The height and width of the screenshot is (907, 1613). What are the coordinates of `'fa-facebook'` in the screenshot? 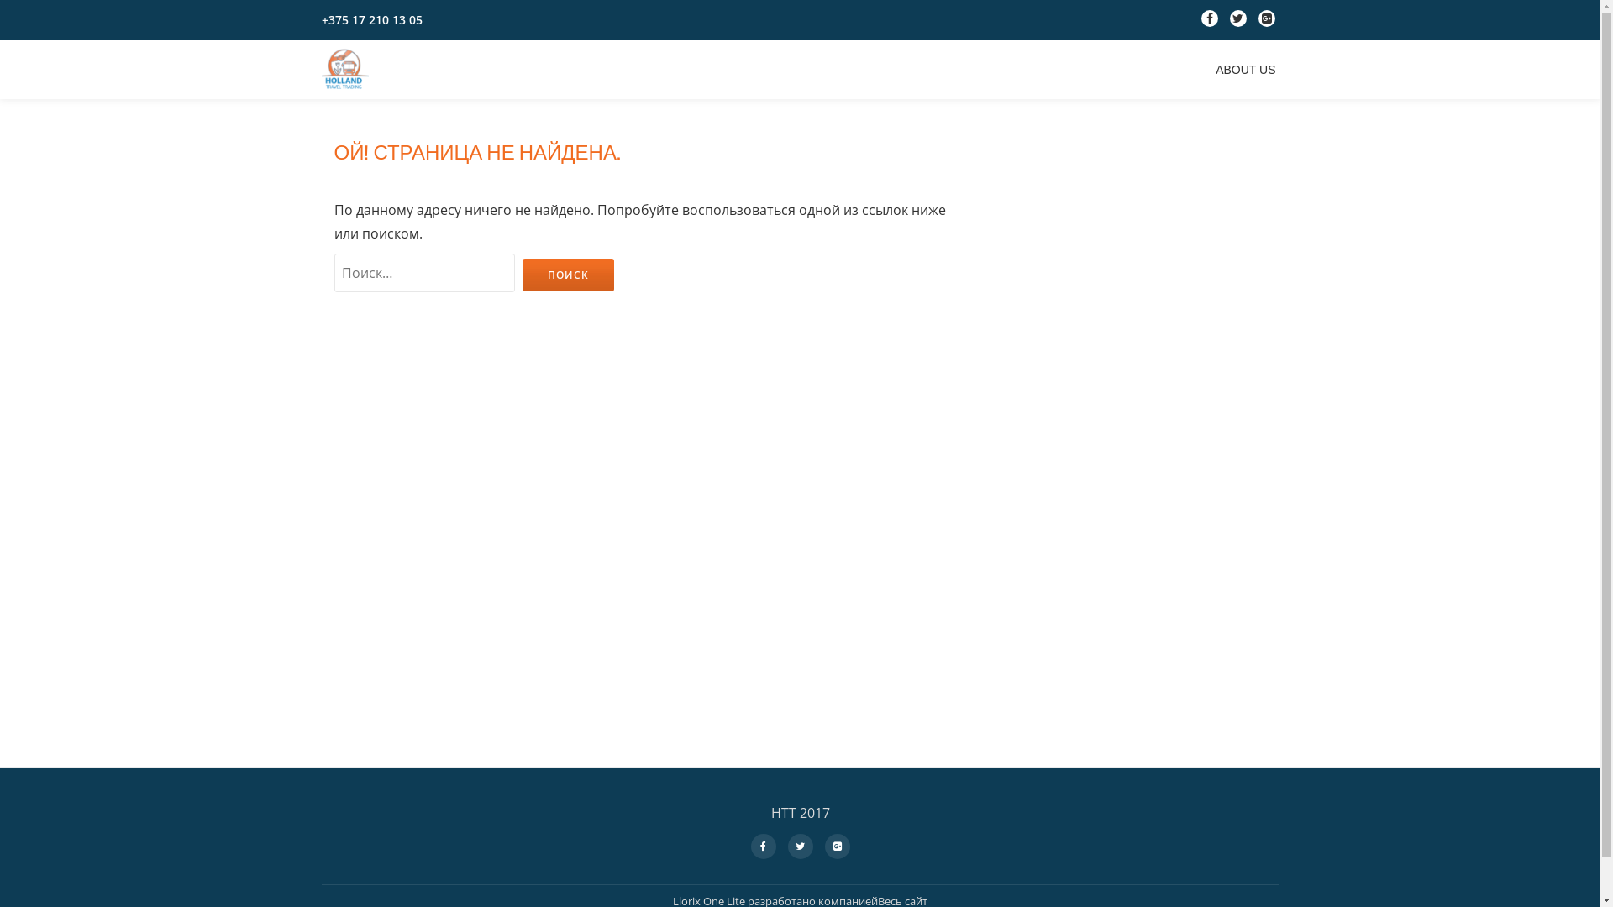 It's located at (761, 845).